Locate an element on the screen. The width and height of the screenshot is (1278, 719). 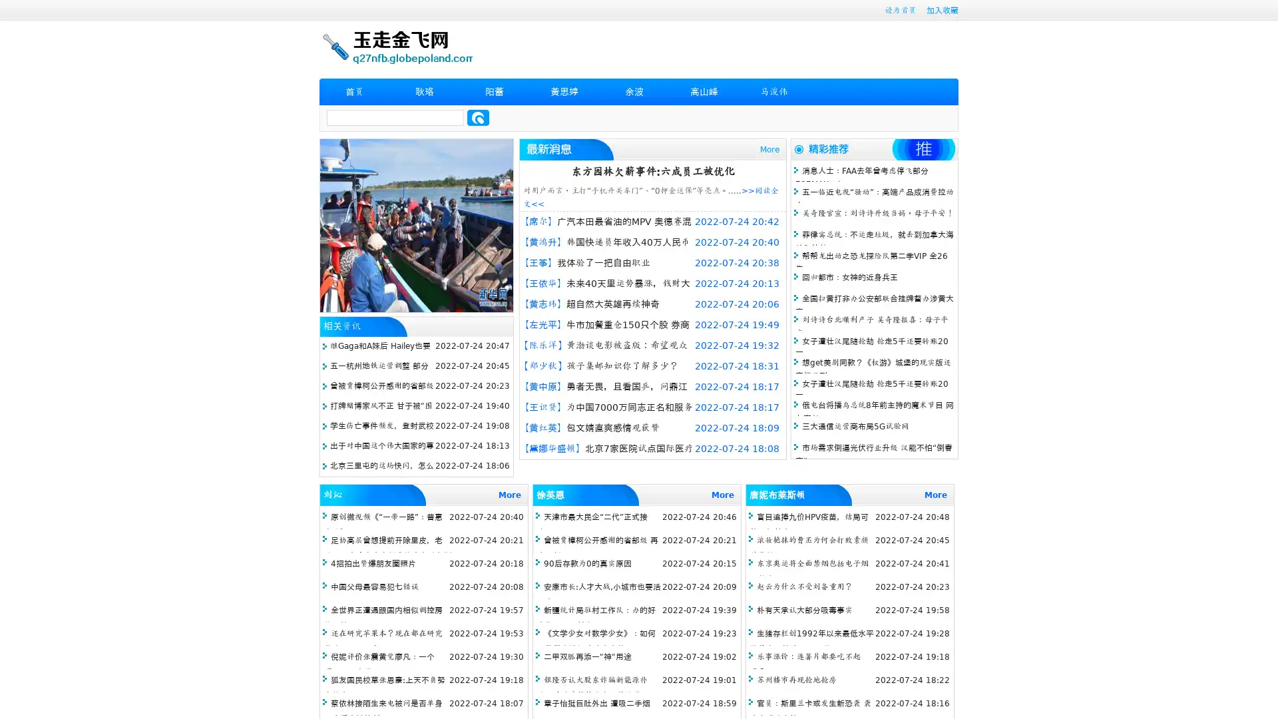
Search is located at coordinates (478, 117).